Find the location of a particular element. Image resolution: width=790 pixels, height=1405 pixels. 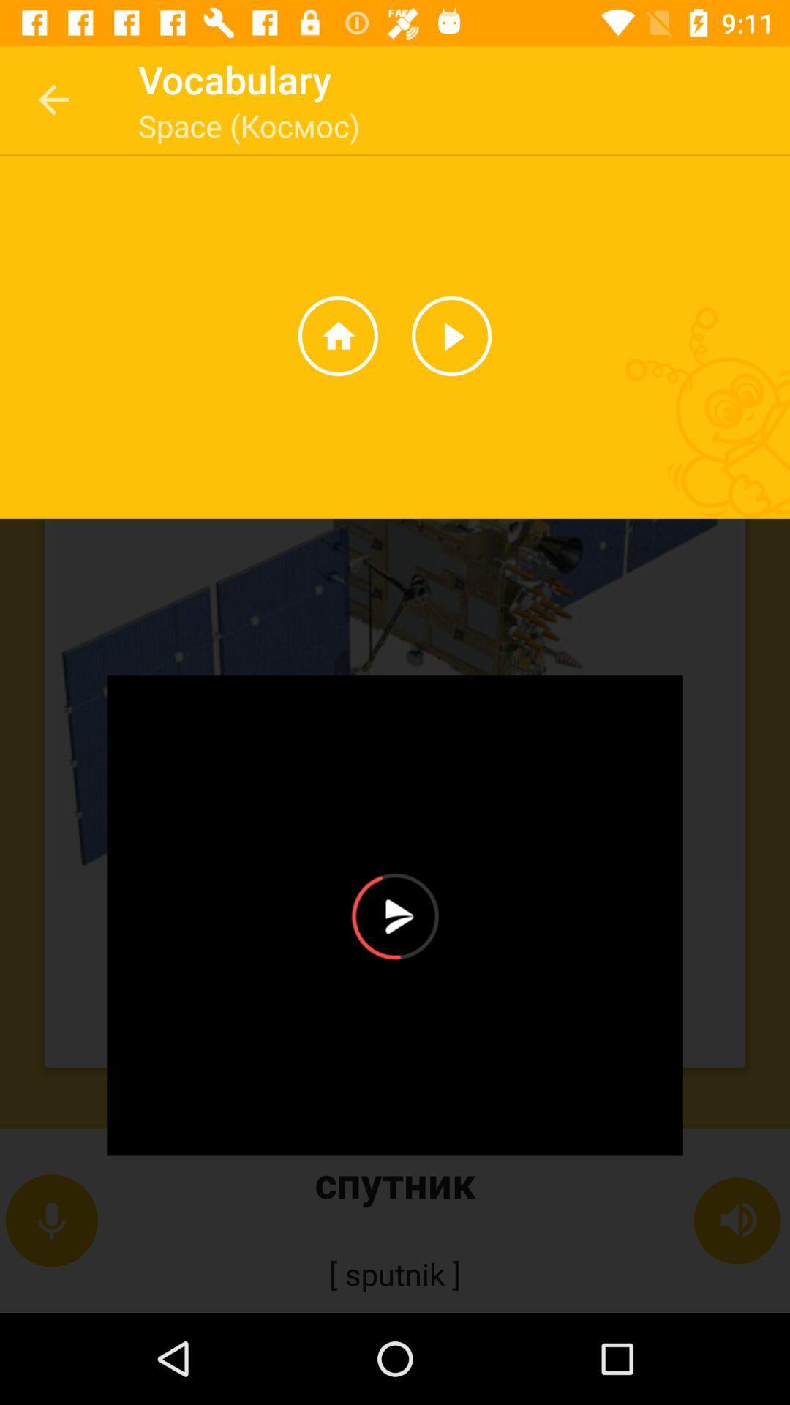

the play icon is located at coordinates (451, 335).